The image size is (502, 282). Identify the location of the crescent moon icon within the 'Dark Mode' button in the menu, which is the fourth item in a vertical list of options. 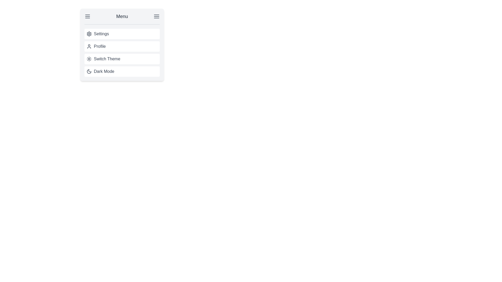
(89, 71).